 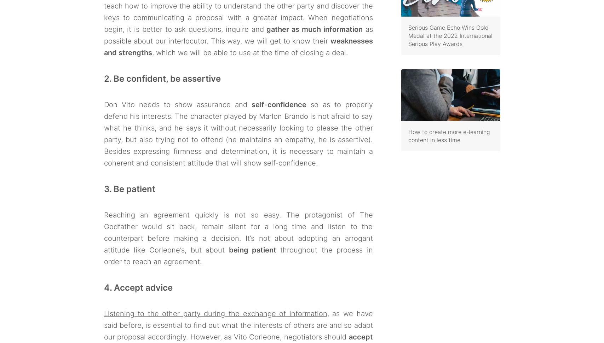 I want to click on 'Tailor-made video games', so click(x=237, y=282).